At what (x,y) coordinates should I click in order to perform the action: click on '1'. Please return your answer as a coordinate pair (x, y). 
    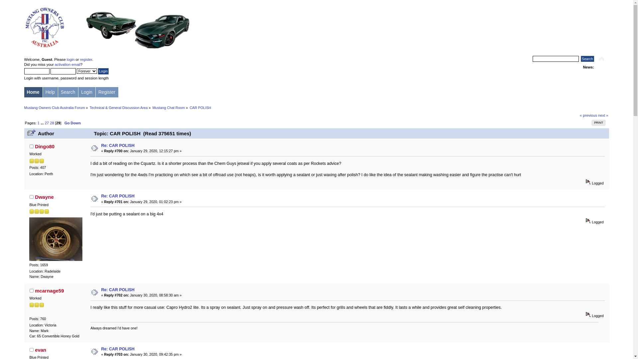
    Looking at the image, I should click on (38, 123).